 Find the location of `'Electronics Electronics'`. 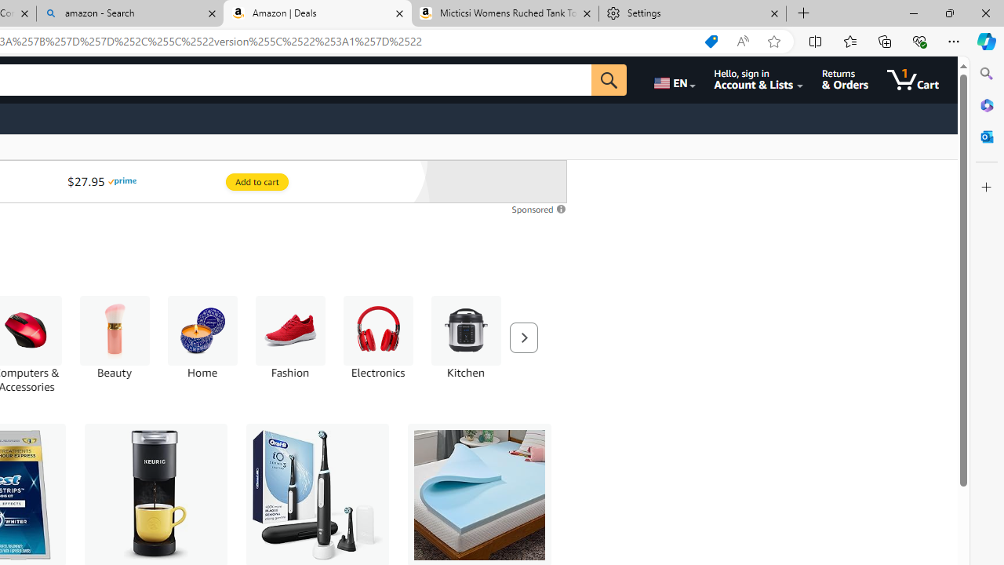

'Electronics Electronics' is located at coordinates (377, 337).